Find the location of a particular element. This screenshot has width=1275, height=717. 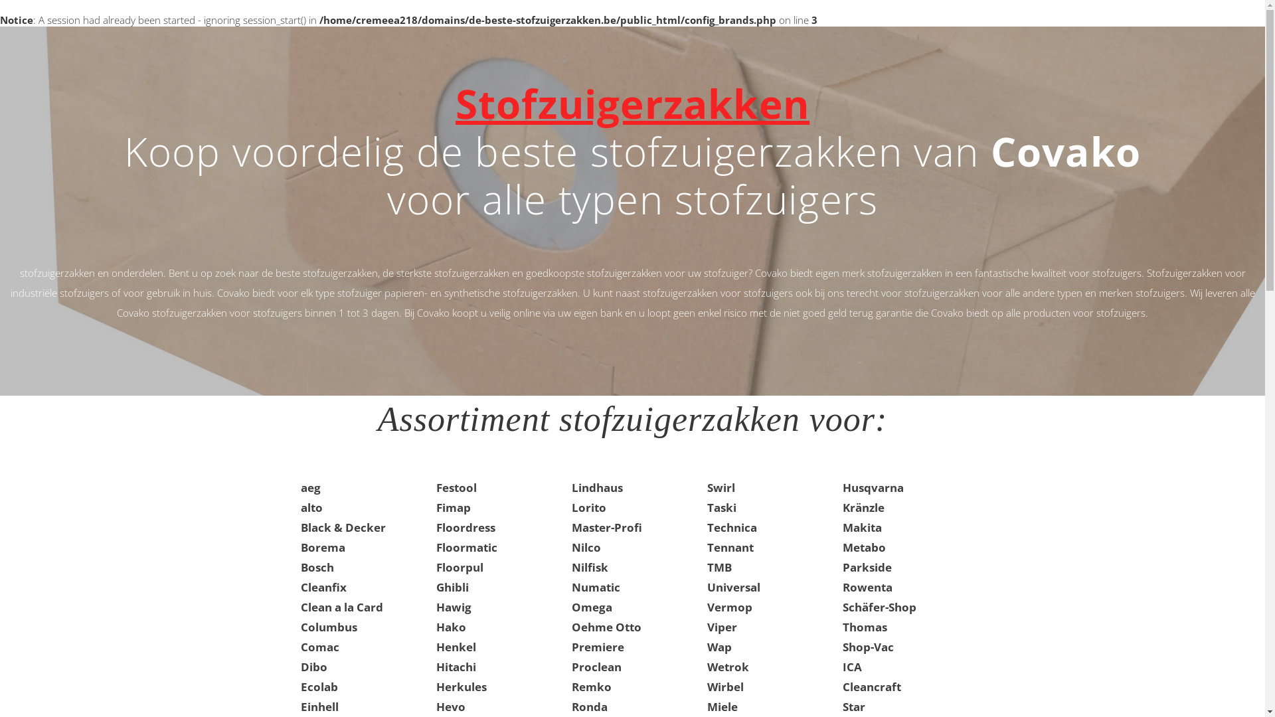

'Rowenta' is located at coordinates (841, 586).